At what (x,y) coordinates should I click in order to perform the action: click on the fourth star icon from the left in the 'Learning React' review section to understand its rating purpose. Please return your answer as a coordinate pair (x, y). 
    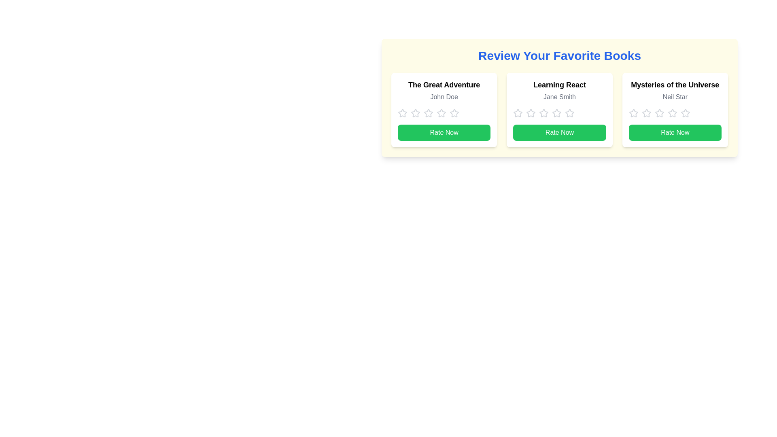
    Looking at the image, I should click on (544, 113).